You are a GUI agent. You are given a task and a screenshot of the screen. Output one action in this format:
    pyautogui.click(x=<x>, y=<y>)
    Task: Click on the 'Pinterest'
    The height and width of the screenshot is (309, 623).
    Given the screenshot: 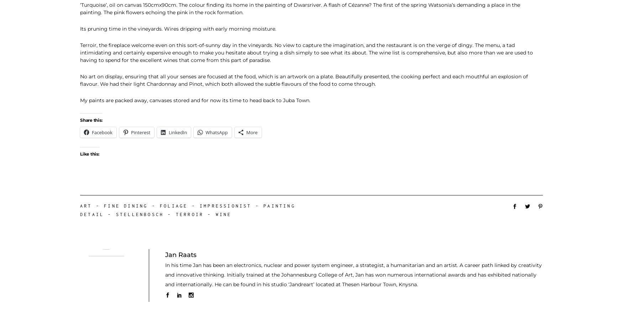 What is the action you would take?
    pyautogui.click(x=130, y=132)
    